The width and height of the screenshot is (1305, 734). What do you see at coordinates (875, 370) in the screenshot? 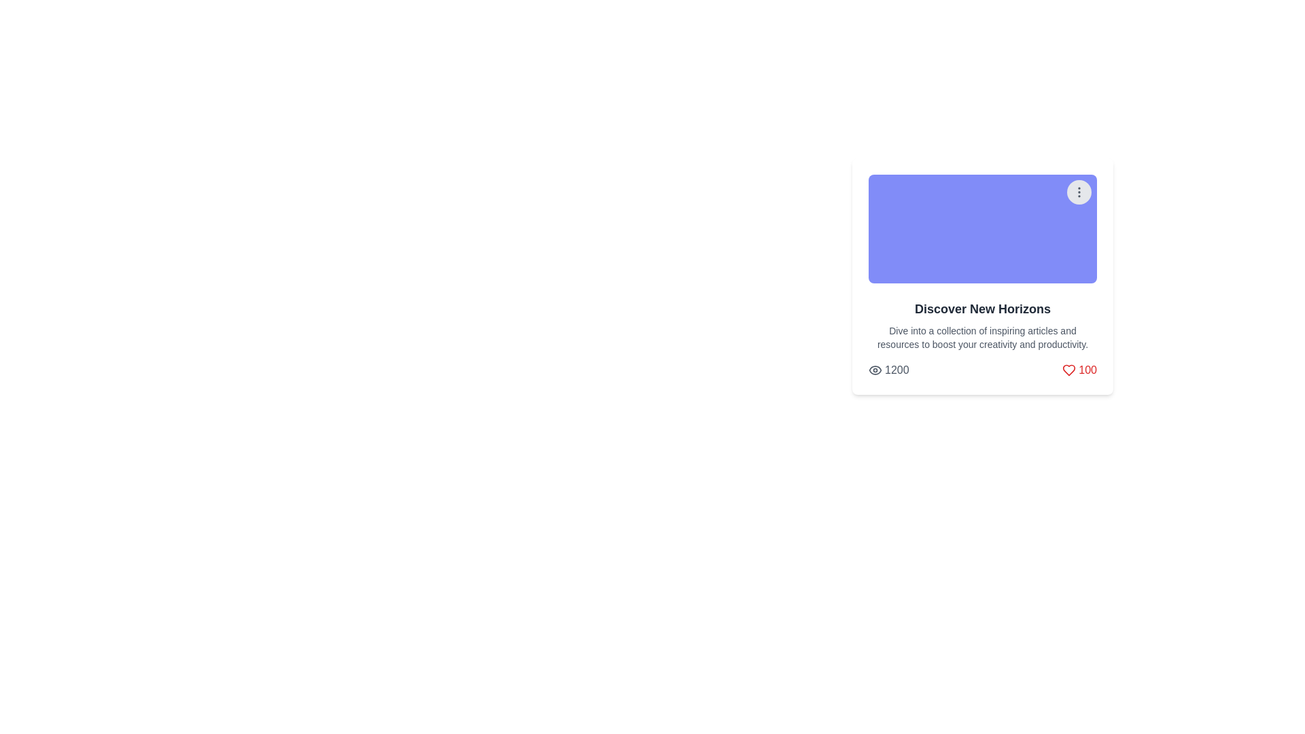
I see `the eye icon` at bounding box center [875, 370].